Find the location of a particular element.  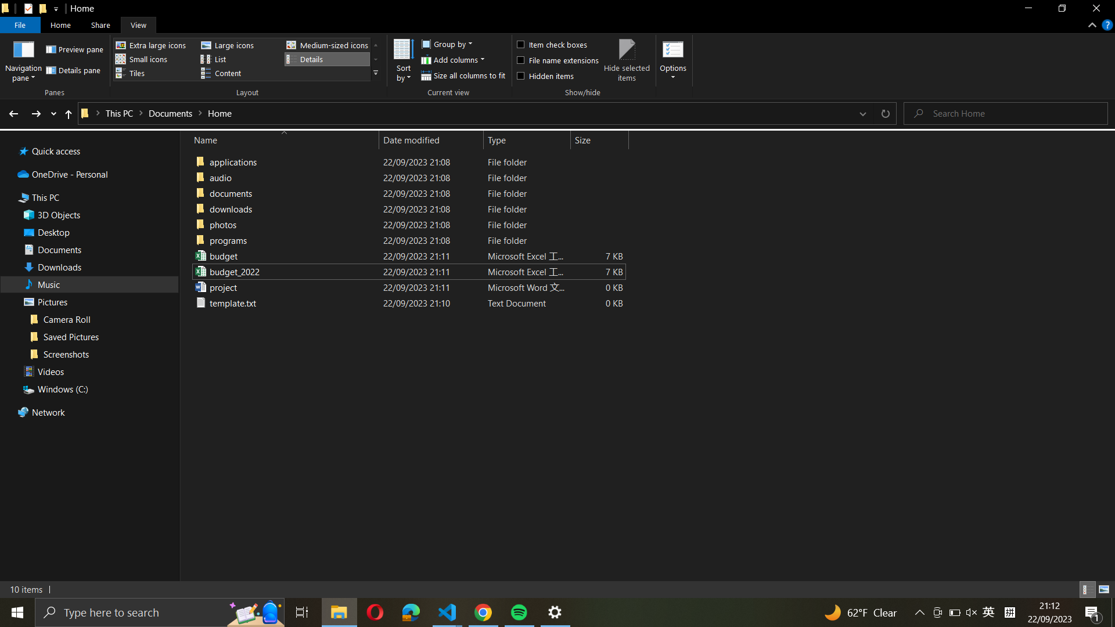

Use the default Excel software to open the "budget_2022_excel_file" is located at coordinates (407, 271).